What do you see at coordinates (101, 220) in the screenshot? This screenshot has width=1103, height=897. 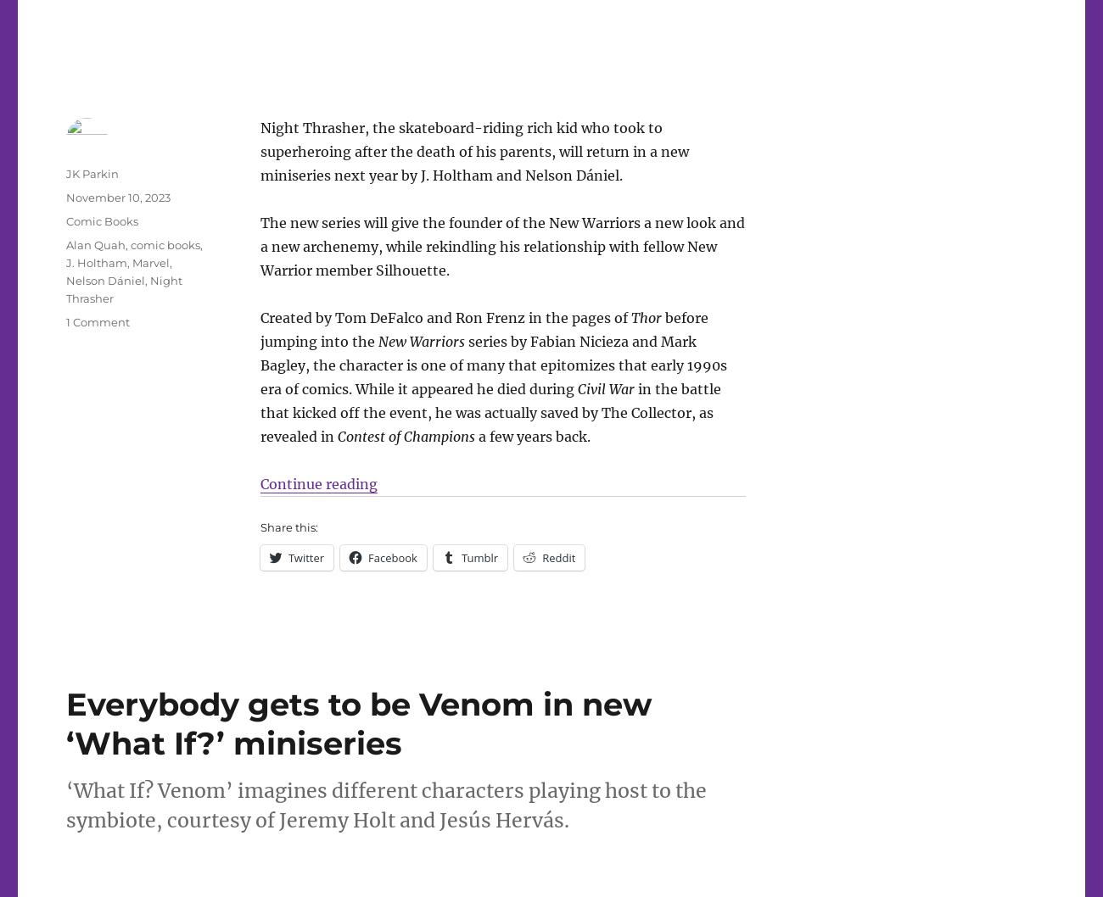 I see `'Comic Books'` at bounding box center [101, 220].